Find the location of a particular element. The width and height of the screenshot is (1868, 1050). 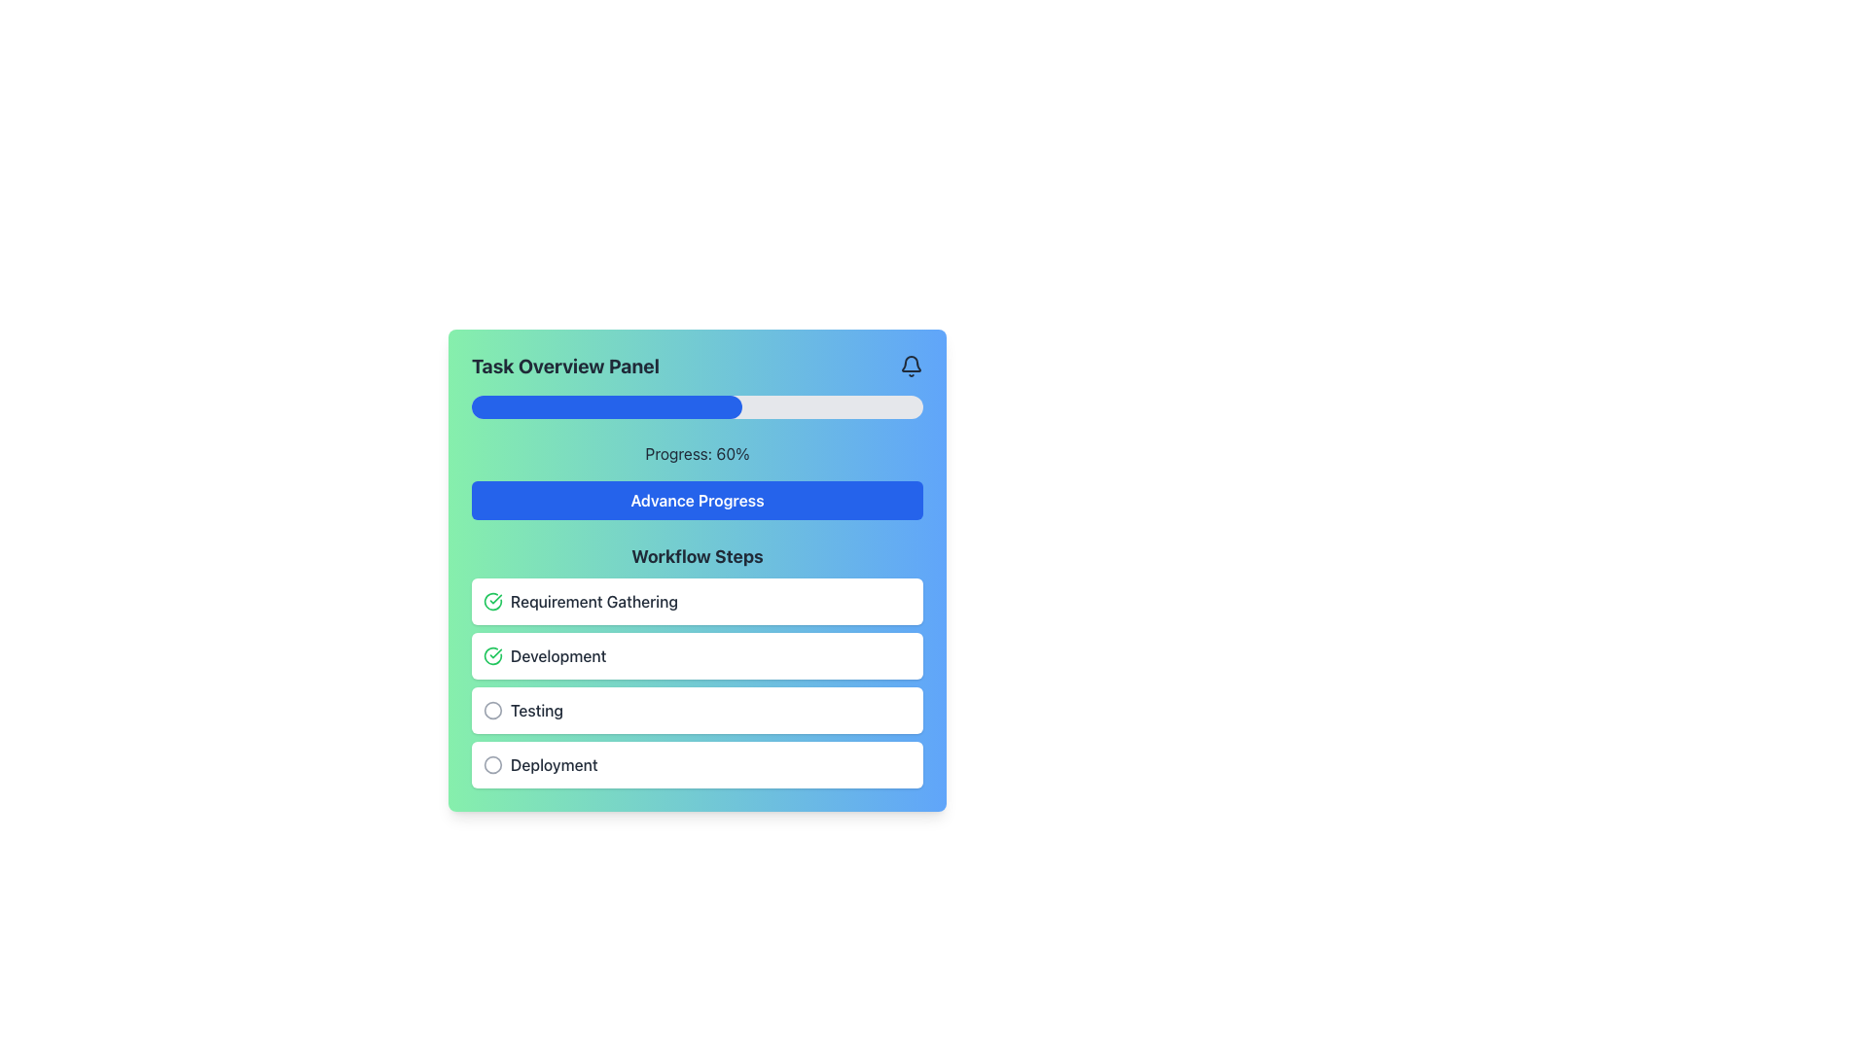

the checkbox icon is located at coordinates (493, 711).